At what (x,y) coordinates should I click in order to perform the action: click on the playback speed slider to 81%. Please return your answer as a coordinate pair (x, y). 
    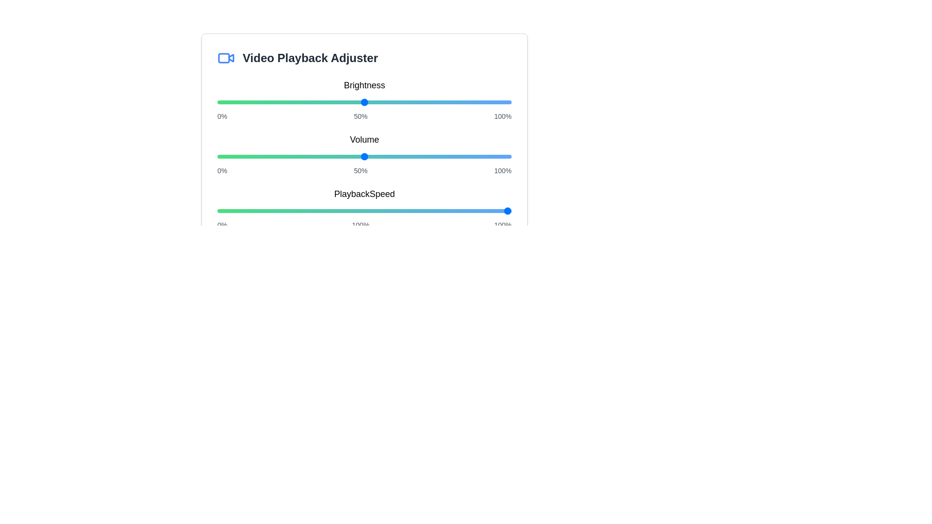
    Looking at the image, I should click on (455, 211).